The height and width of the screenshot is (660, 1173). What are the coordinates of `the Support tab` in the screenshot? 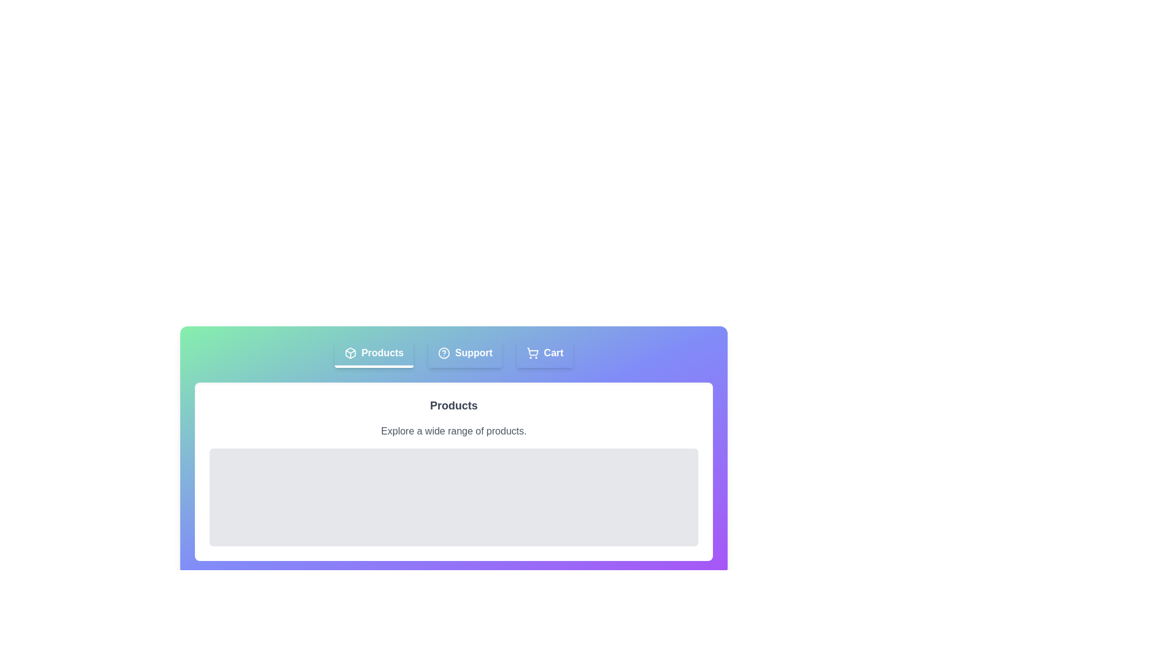 It's located at (464, 354).